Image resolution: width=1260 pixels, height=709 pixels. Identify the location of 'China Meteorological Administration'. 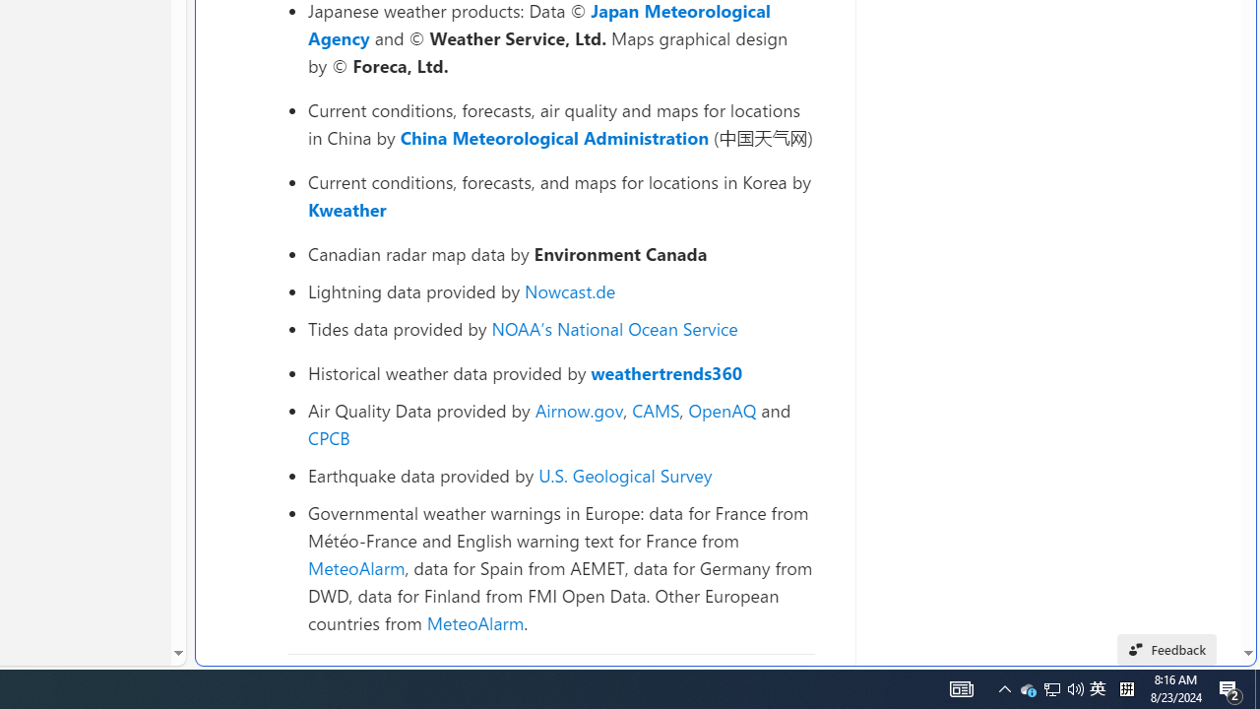
(553, 137).